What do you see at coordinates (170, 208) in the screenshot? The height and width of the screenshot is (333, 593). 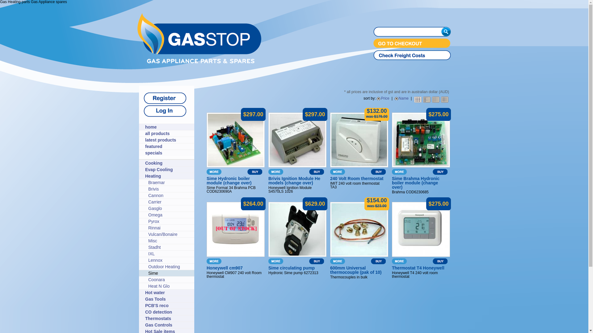 I see `'Gasglo'` at bounding box center [170, 208].